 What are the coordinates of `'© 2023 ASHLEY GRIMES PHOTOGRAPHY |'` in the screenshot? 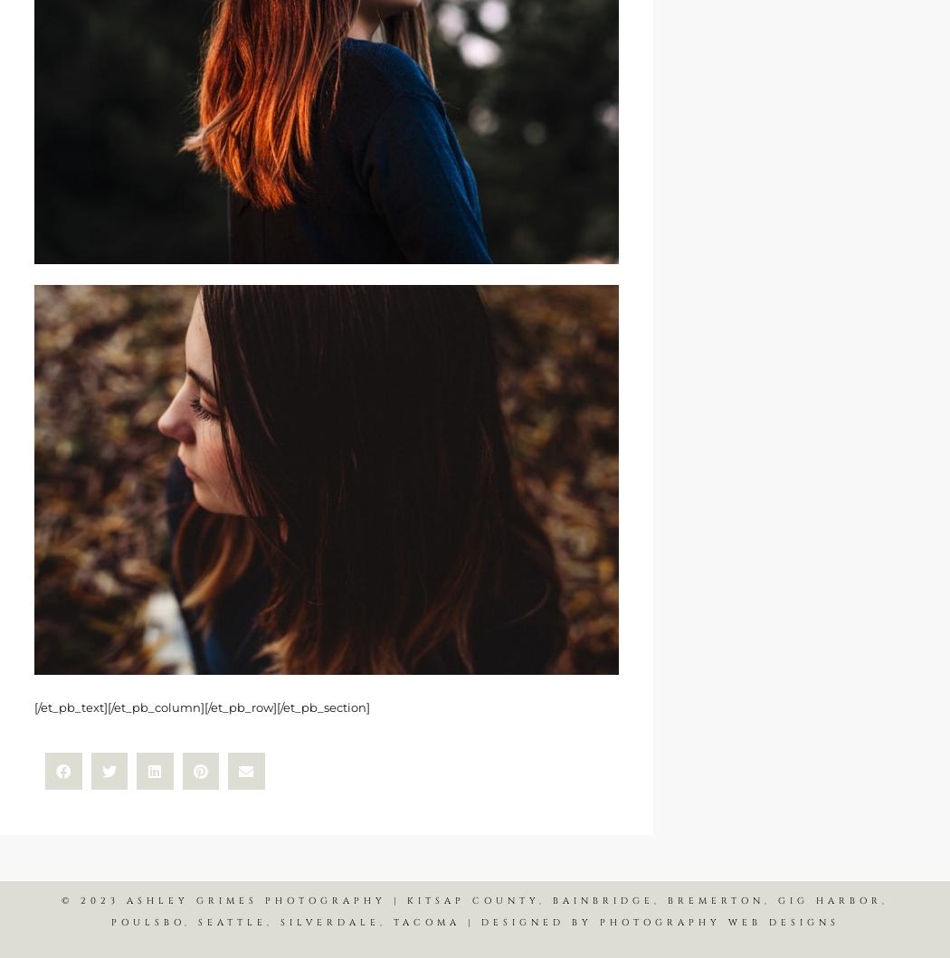 It's located at (234, 899).